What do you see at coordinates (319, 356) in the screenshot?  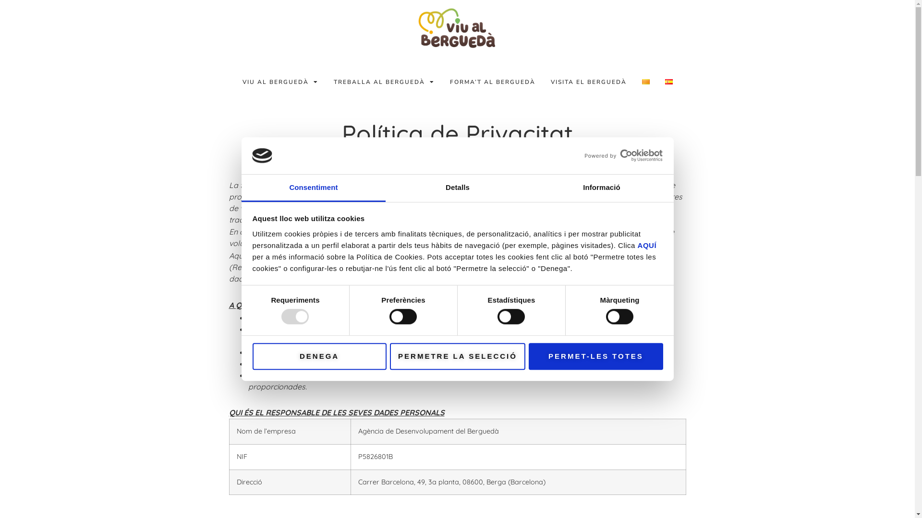 I see `'DENEGA'` at bounding box center [319, 356].